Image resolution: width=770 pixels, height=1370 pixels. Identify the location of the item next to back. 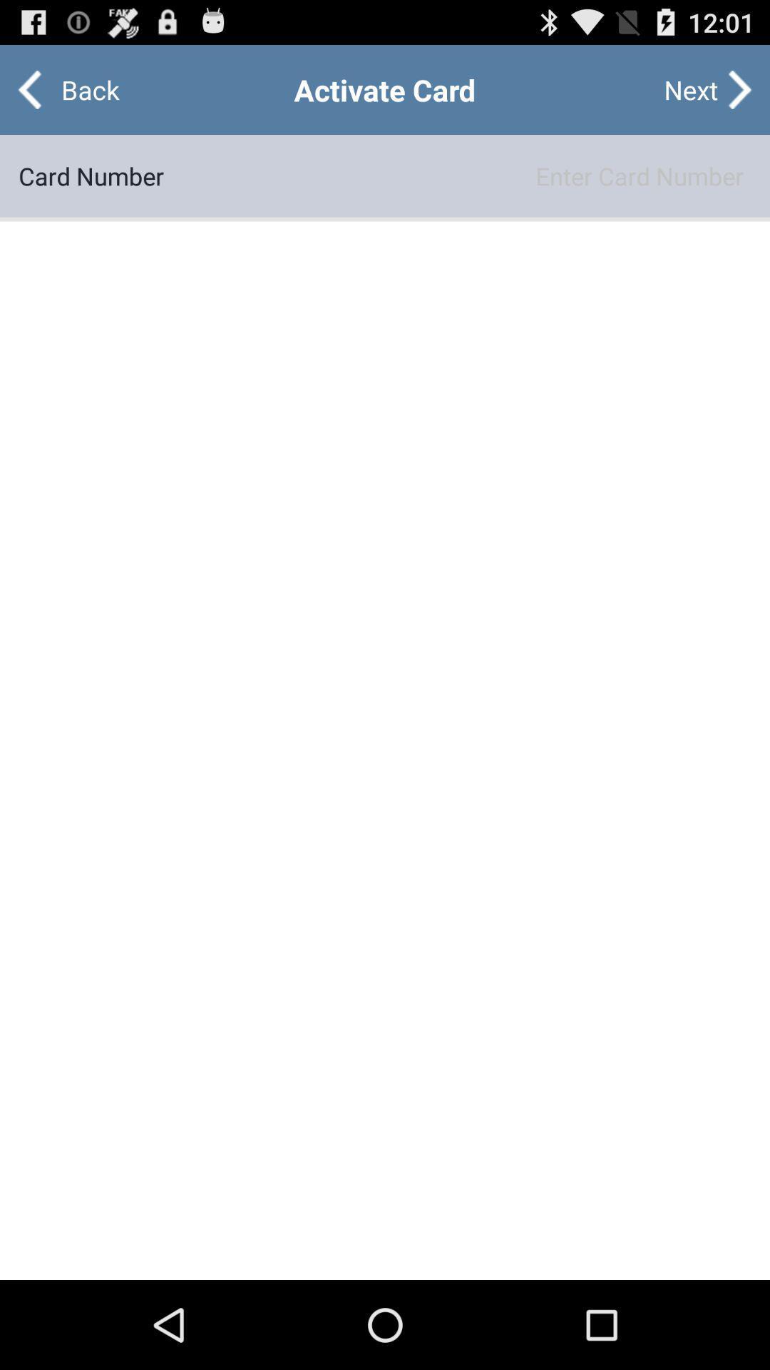
(690, 88).